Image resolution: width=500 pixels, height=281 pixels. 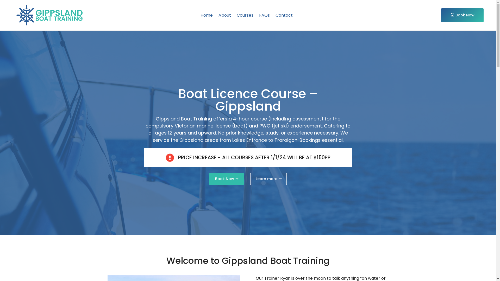 What do you see at coordinates (268, 178) in the screenshot?
I see `'Learn more'` at bounding box center [268, 178].